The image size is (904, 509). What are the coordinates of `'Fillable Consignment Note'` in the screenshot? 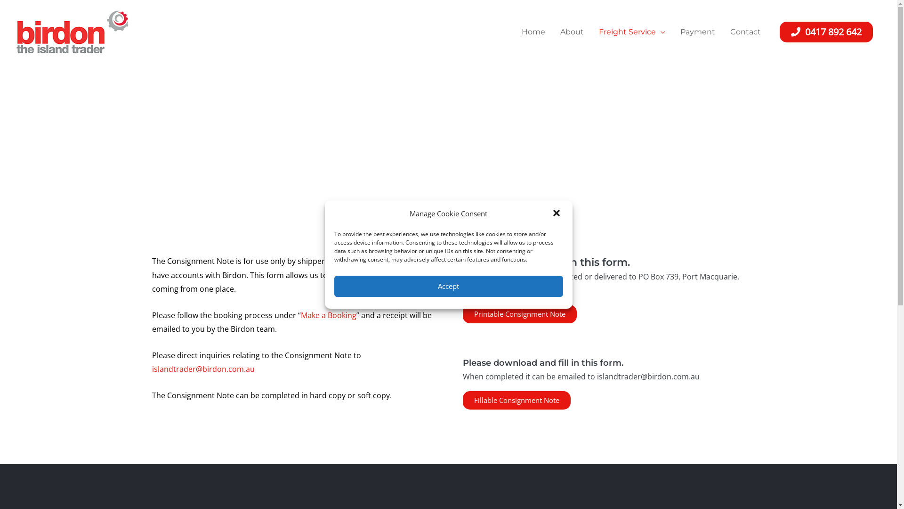 It's located at (516, 400).